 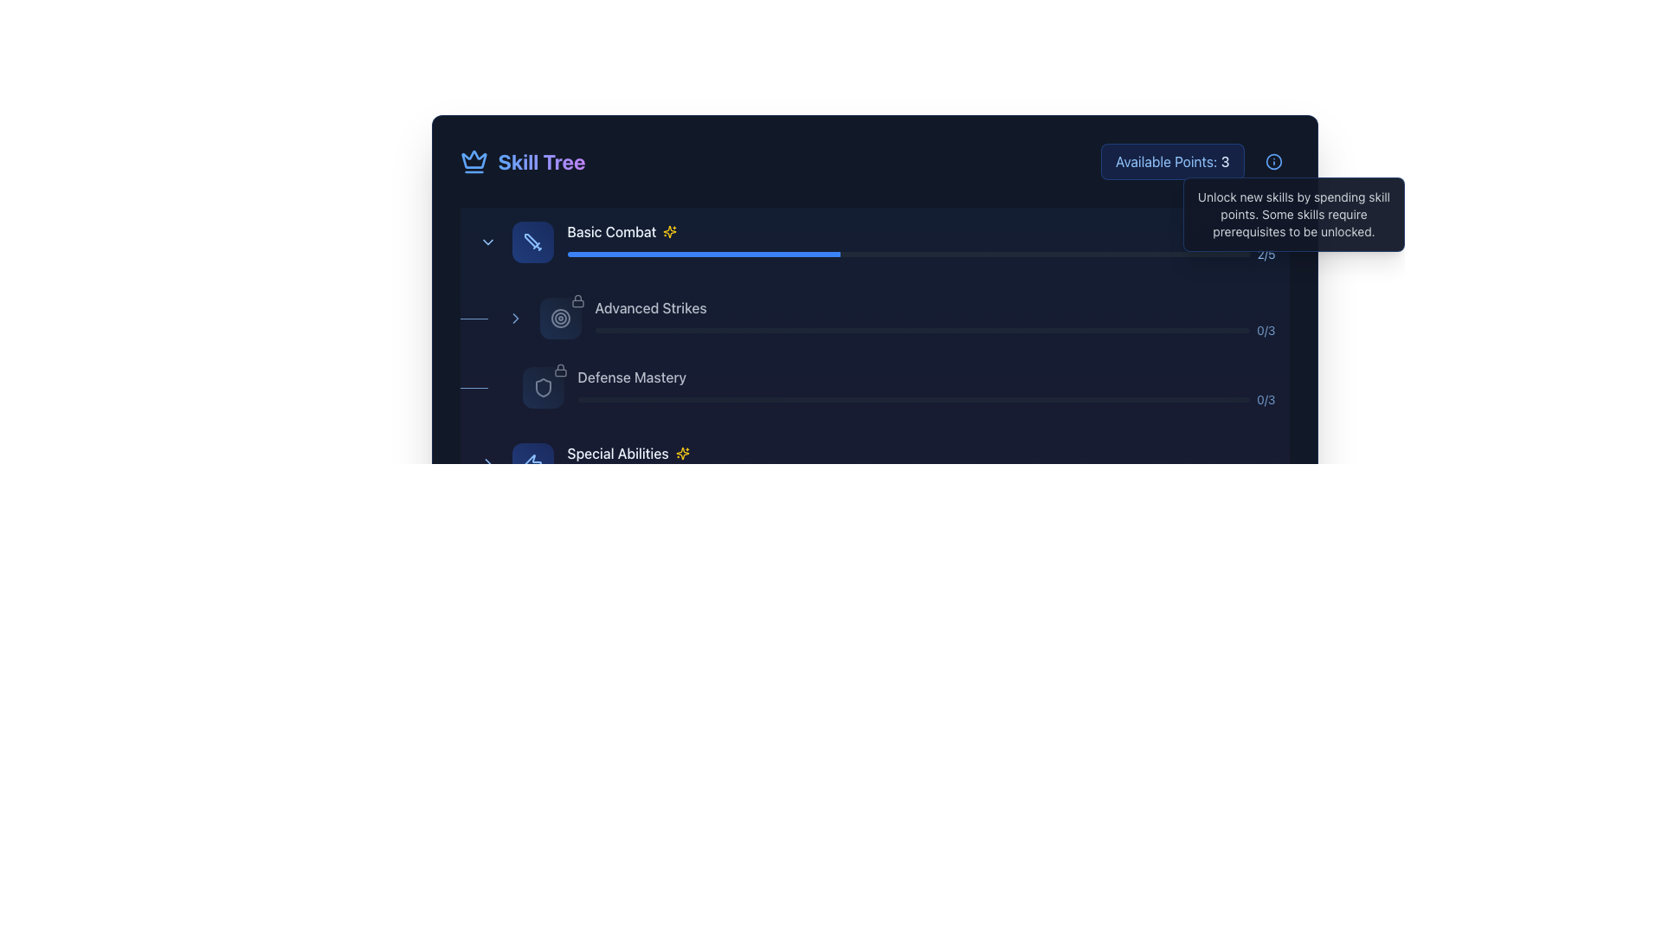 I want to click on the progress bar for 'Basic Combat', so click(x=920, y=242).